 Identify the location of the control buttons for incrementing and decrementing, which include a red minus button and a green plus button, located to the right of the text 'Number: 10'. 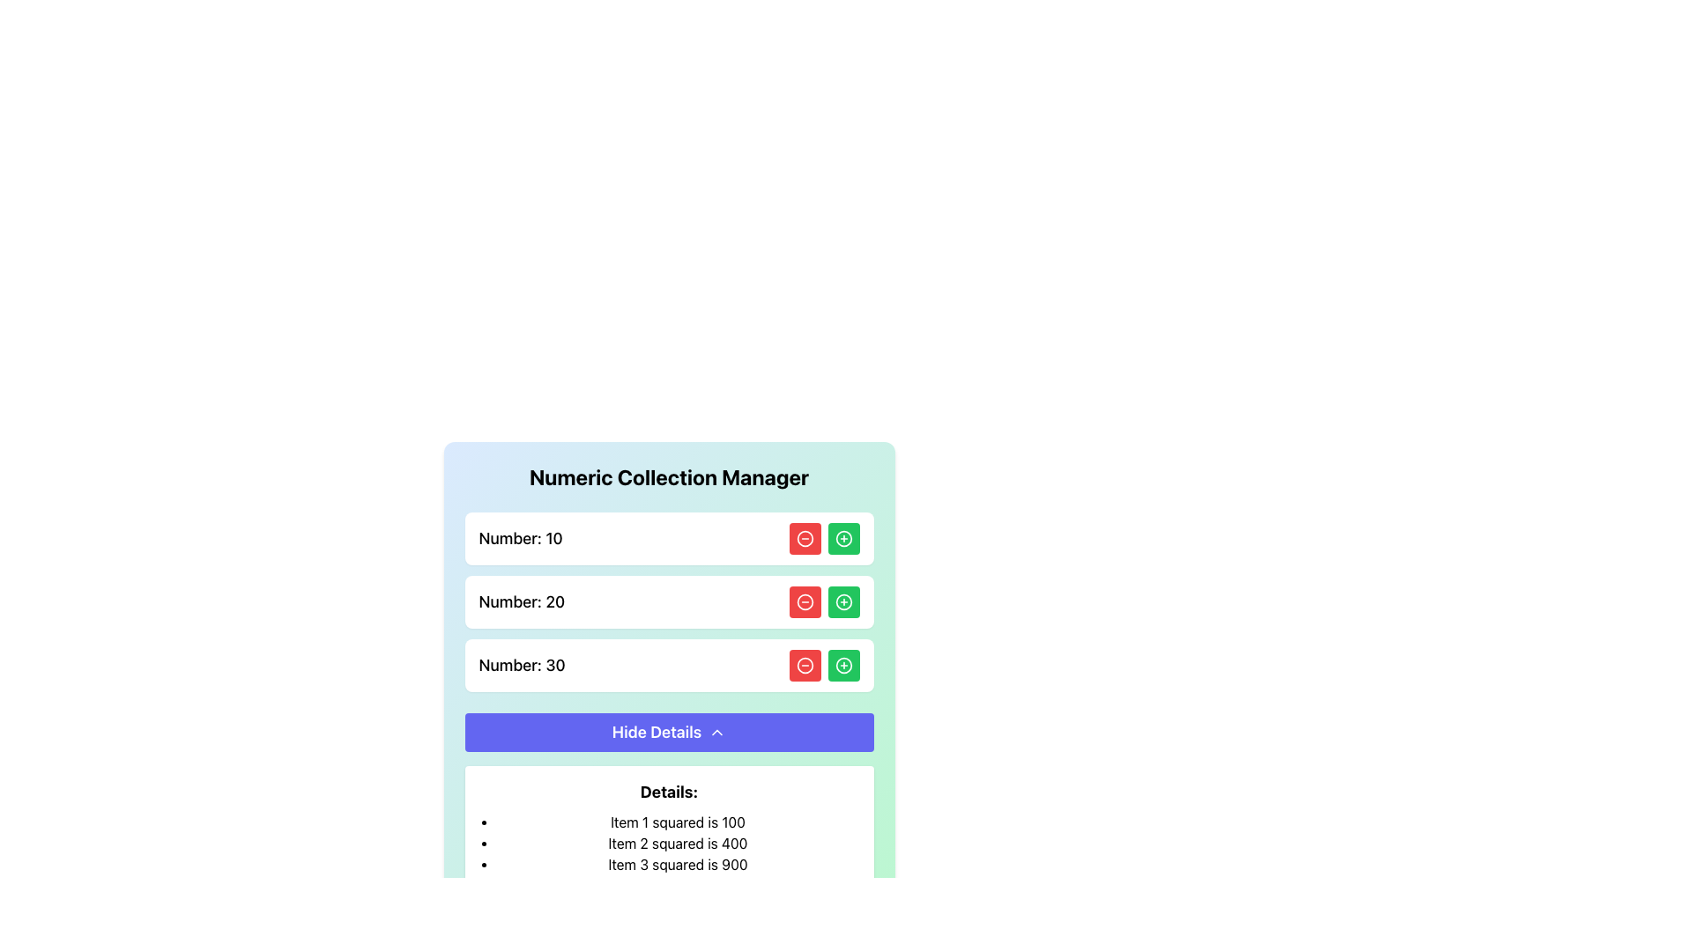
(823, 538).